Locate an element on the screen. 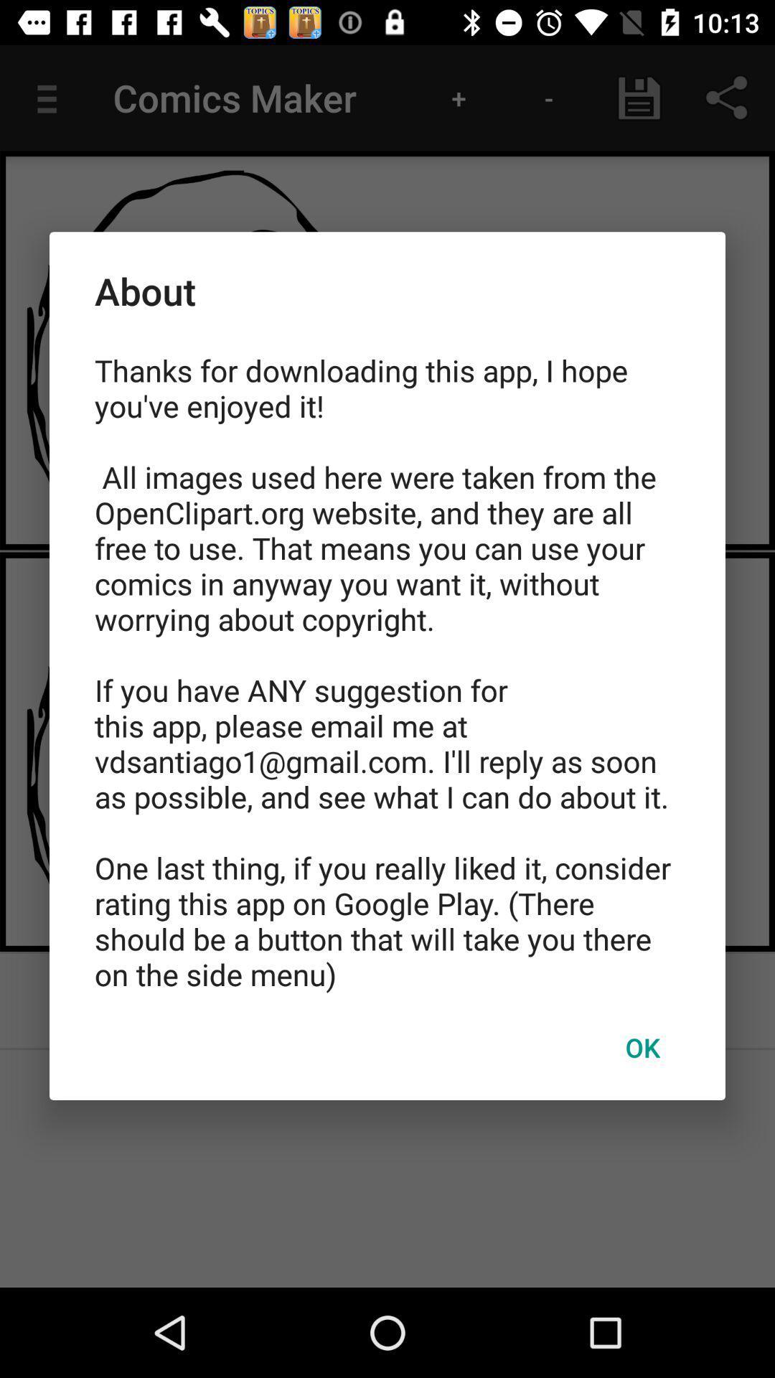 This screenshot has width=775, height=1378. item below the thanks for downloading is located at coordinates (642, 1047).